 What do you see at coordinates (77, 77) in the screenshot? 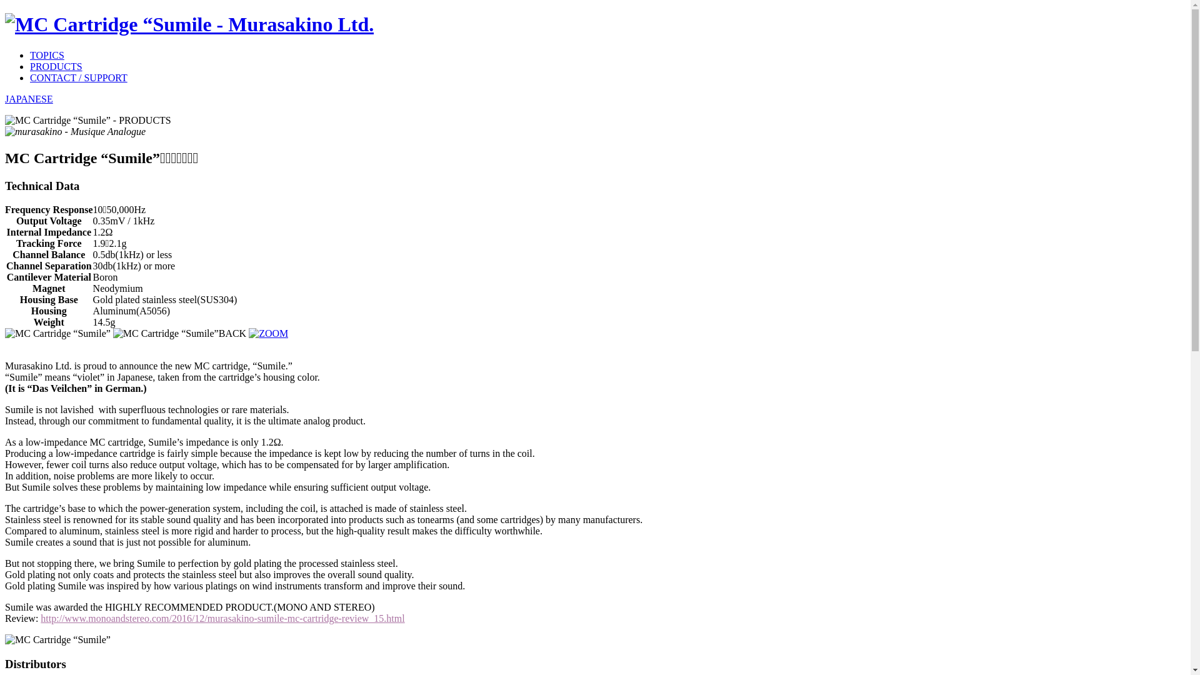
I see `'CONTACT / SUPPORT'` at bounding box center [77, 77].